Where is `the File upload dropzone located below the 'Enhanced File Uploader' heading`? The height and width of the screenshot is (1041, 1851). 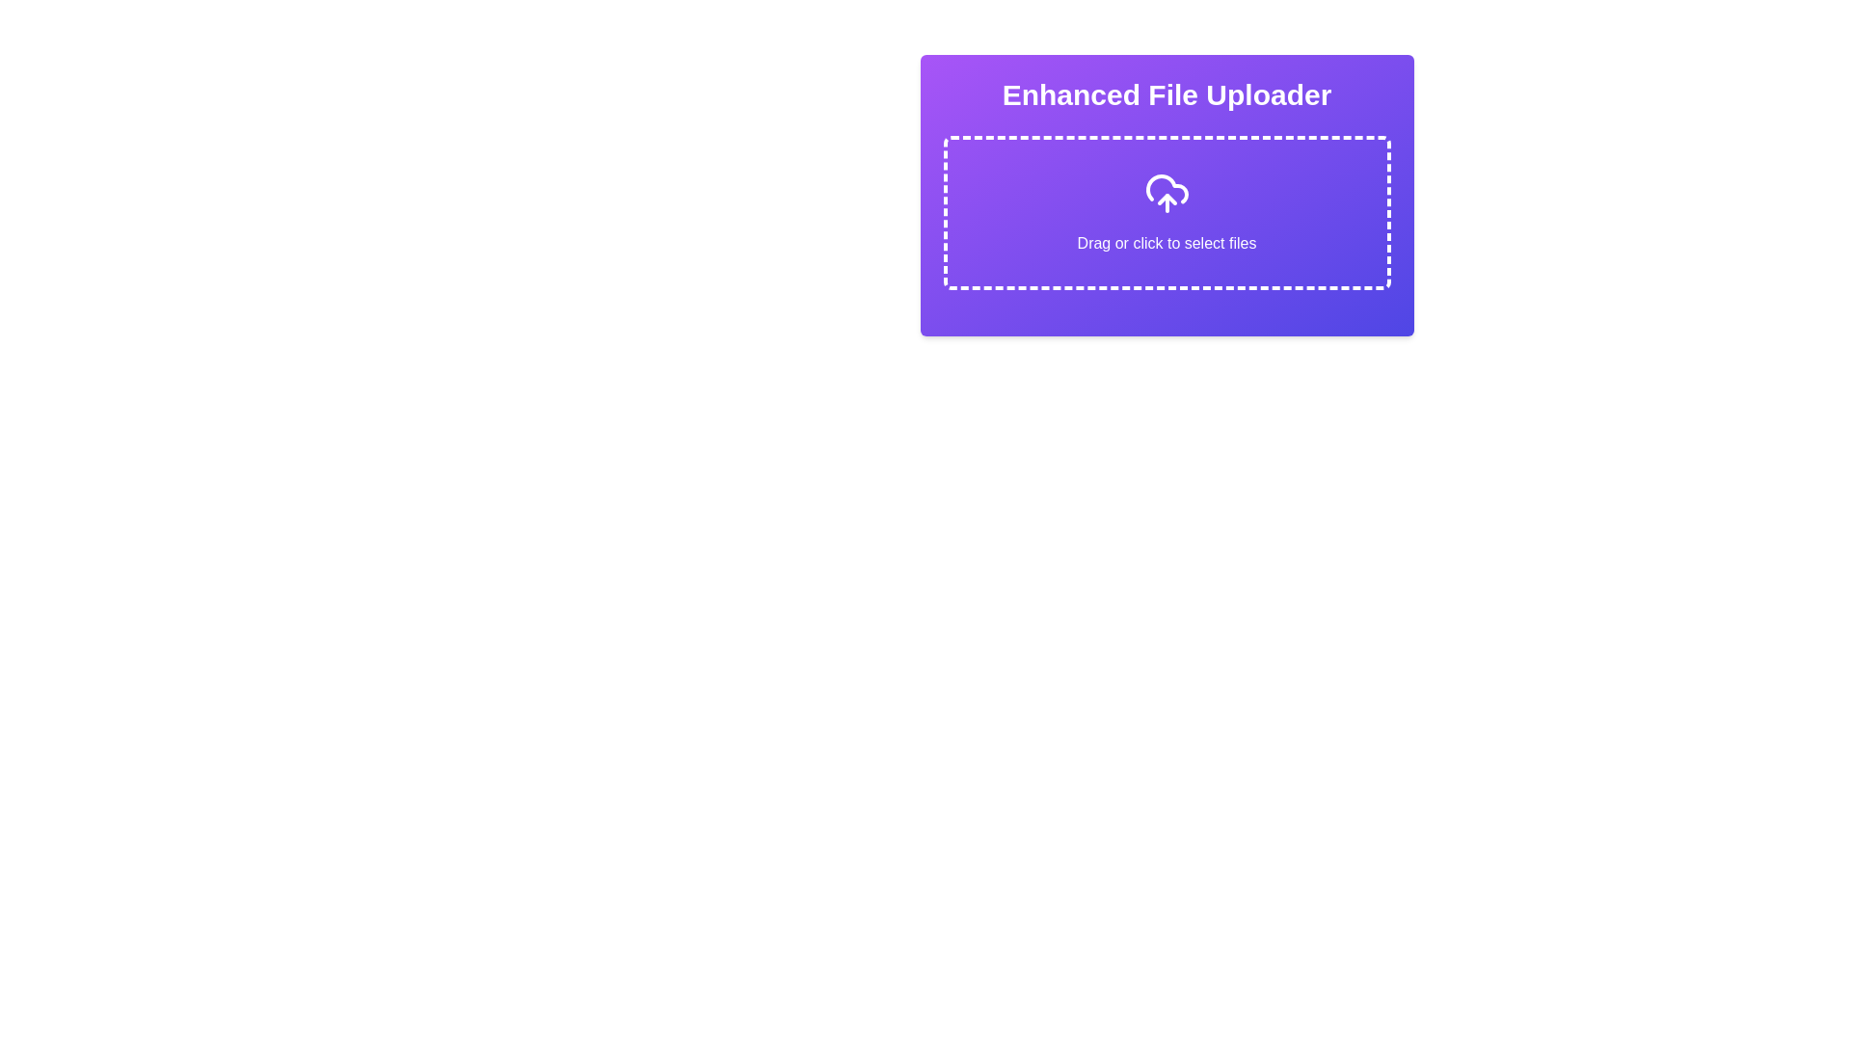
the File upload dropzone located below the 'Enhanced File Uploader' heading is located at coordinates (1166, 212).